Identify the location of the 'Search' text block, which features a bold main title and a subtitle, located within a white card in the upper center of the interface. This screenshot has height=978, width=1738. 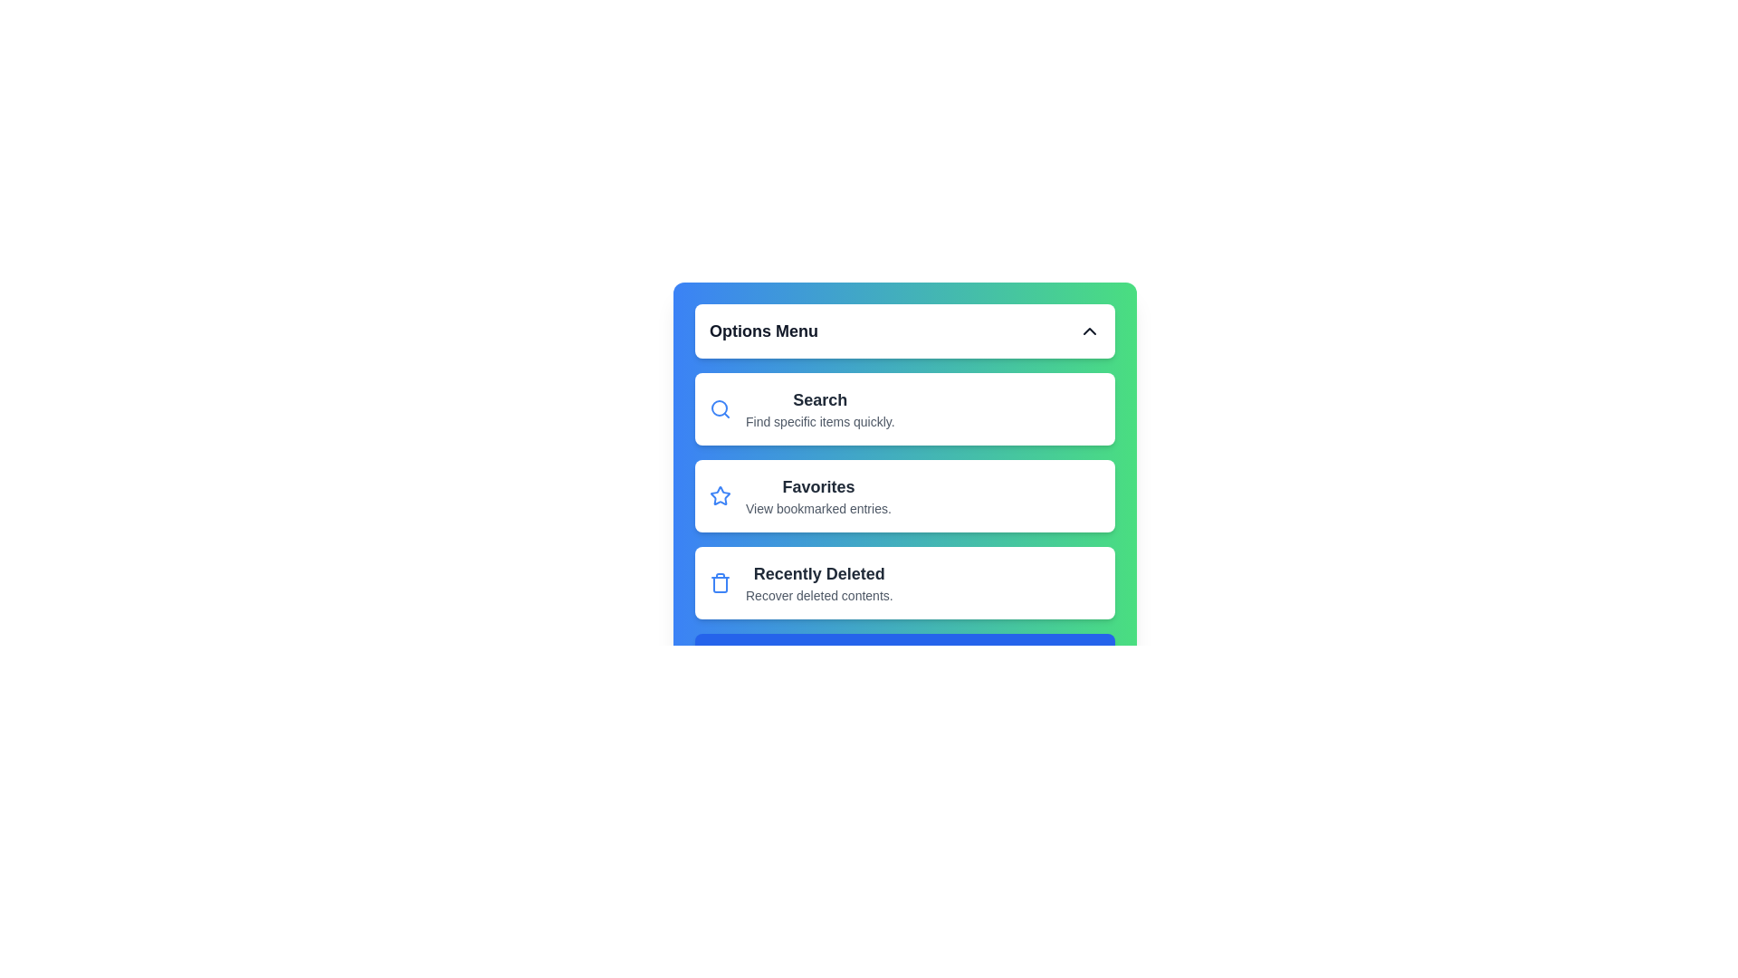
(819, 408).